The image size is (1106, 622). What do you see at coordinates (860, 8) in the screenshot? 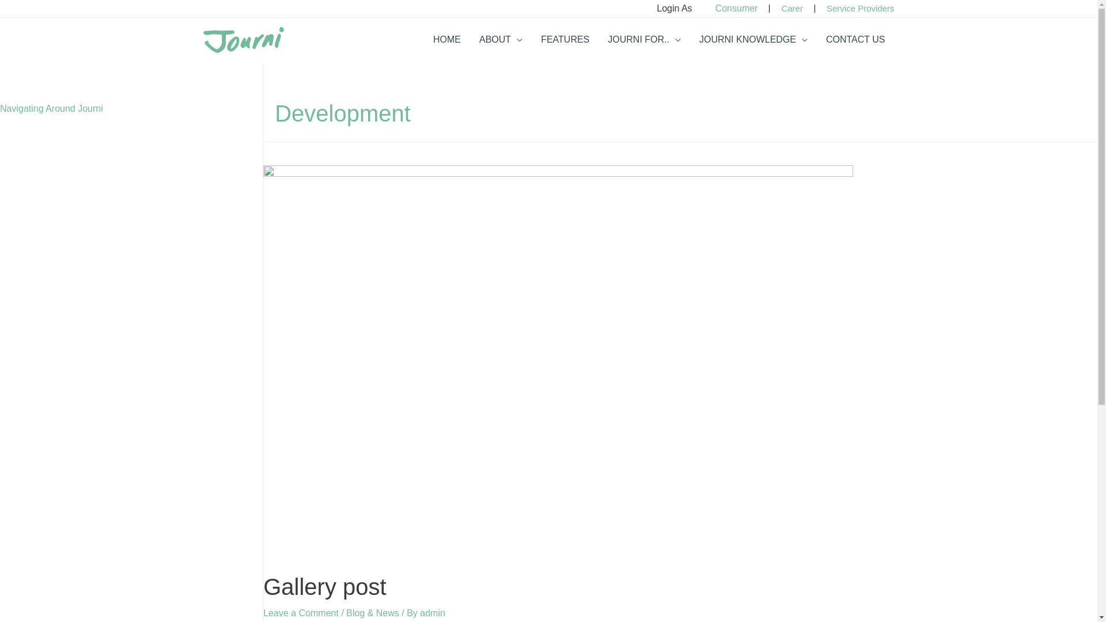
I see `'Service Providers'` at bounding box center [860, 8].